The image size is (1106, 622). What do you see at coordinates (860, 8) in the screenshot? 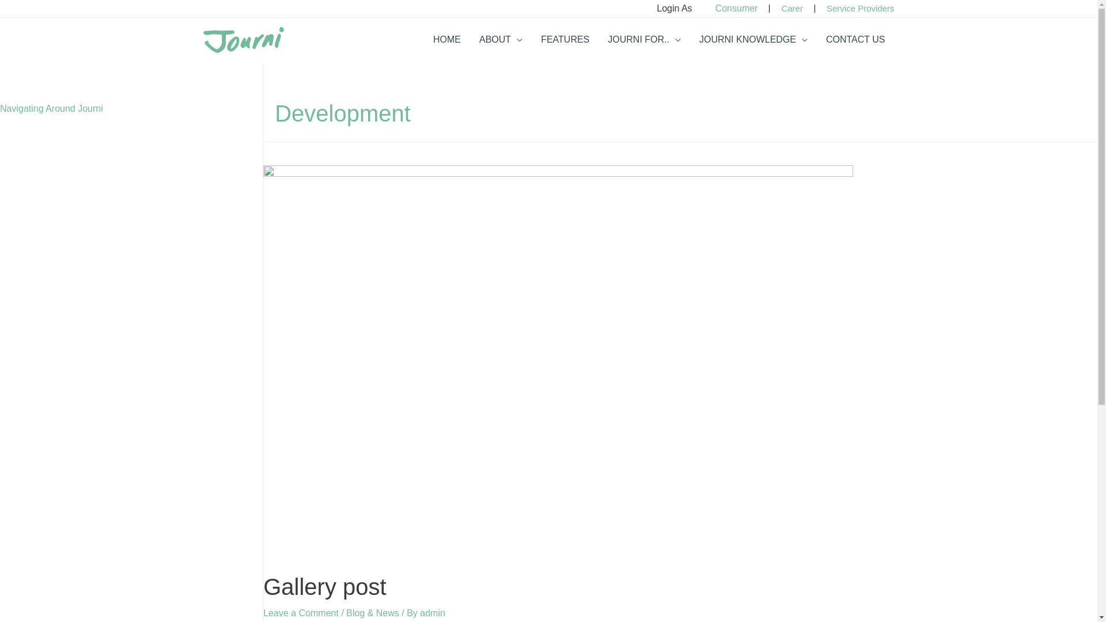
I see `'Service Providers'` at bounding box center [860, 8].